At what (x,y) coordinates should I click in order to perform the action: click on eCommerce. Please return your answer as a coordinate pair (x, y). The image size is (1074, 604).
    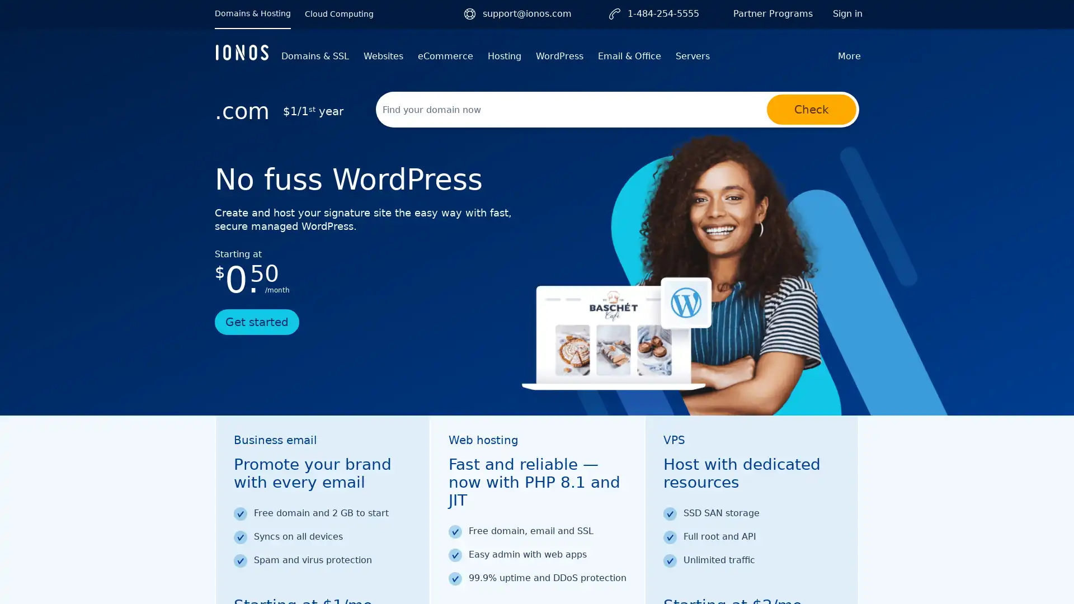
    Looking at the image, I should click on (445, 56).